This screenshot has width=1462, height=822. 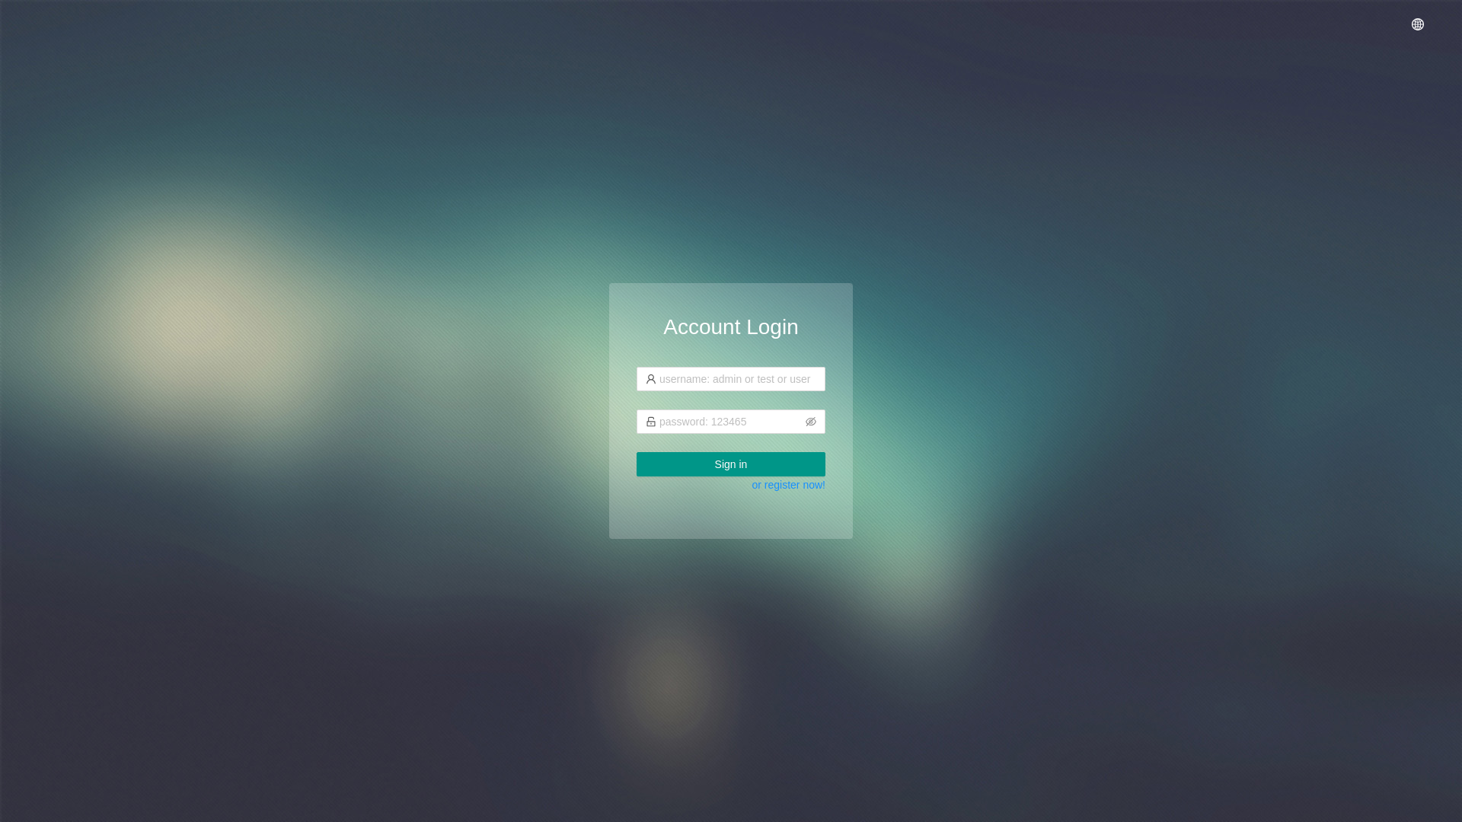 I want to click on 'Sign in', so click(x=731, y=463).